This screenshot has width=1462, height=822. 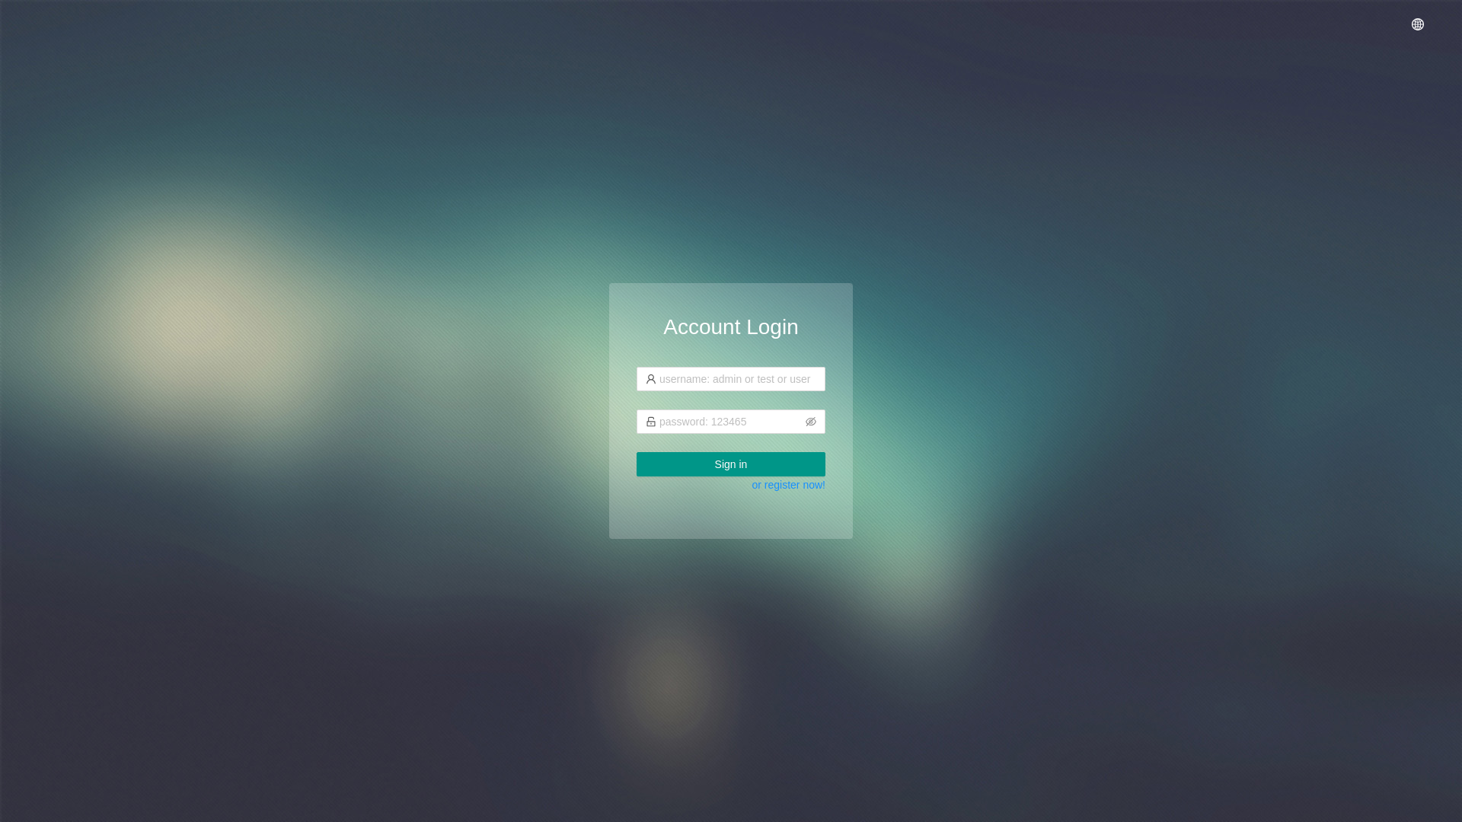 I want to click on 'Sign in', so click(x=731, y=463).